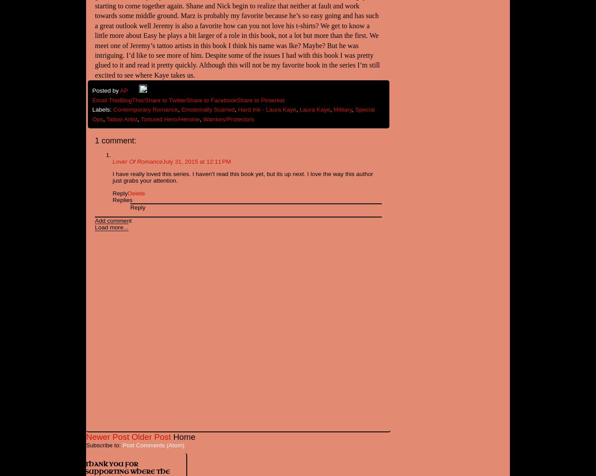 The image size is (596, 476). Describe the element at coordinates (228, 119) in the screenshot. I see `'Warriors/Protectors'` at that location.